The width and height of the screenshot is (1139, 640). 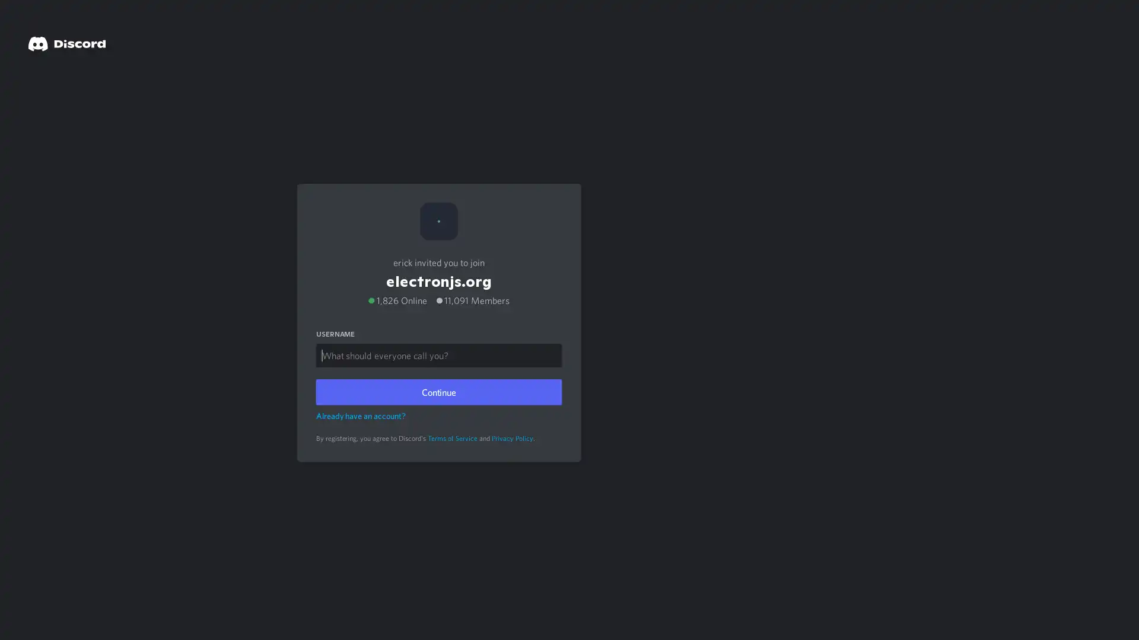 What do you see at coordinates (360, 412) in the screenshot?
I see `Already have an account?` at bounding box center [360, 412].